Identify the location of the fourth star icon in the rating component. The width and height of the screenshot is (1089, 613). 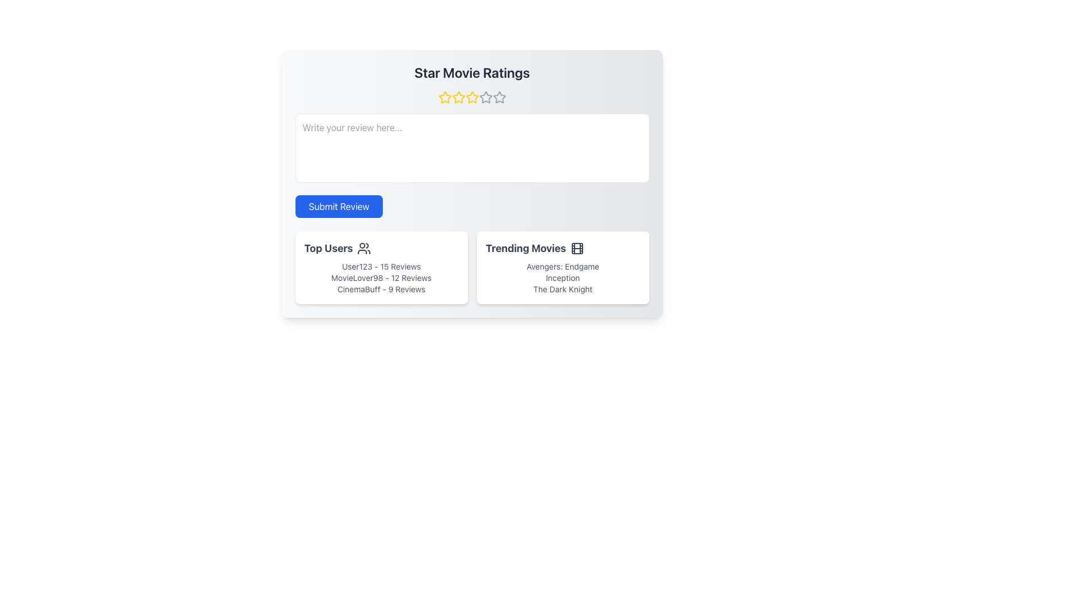
(486, 96).